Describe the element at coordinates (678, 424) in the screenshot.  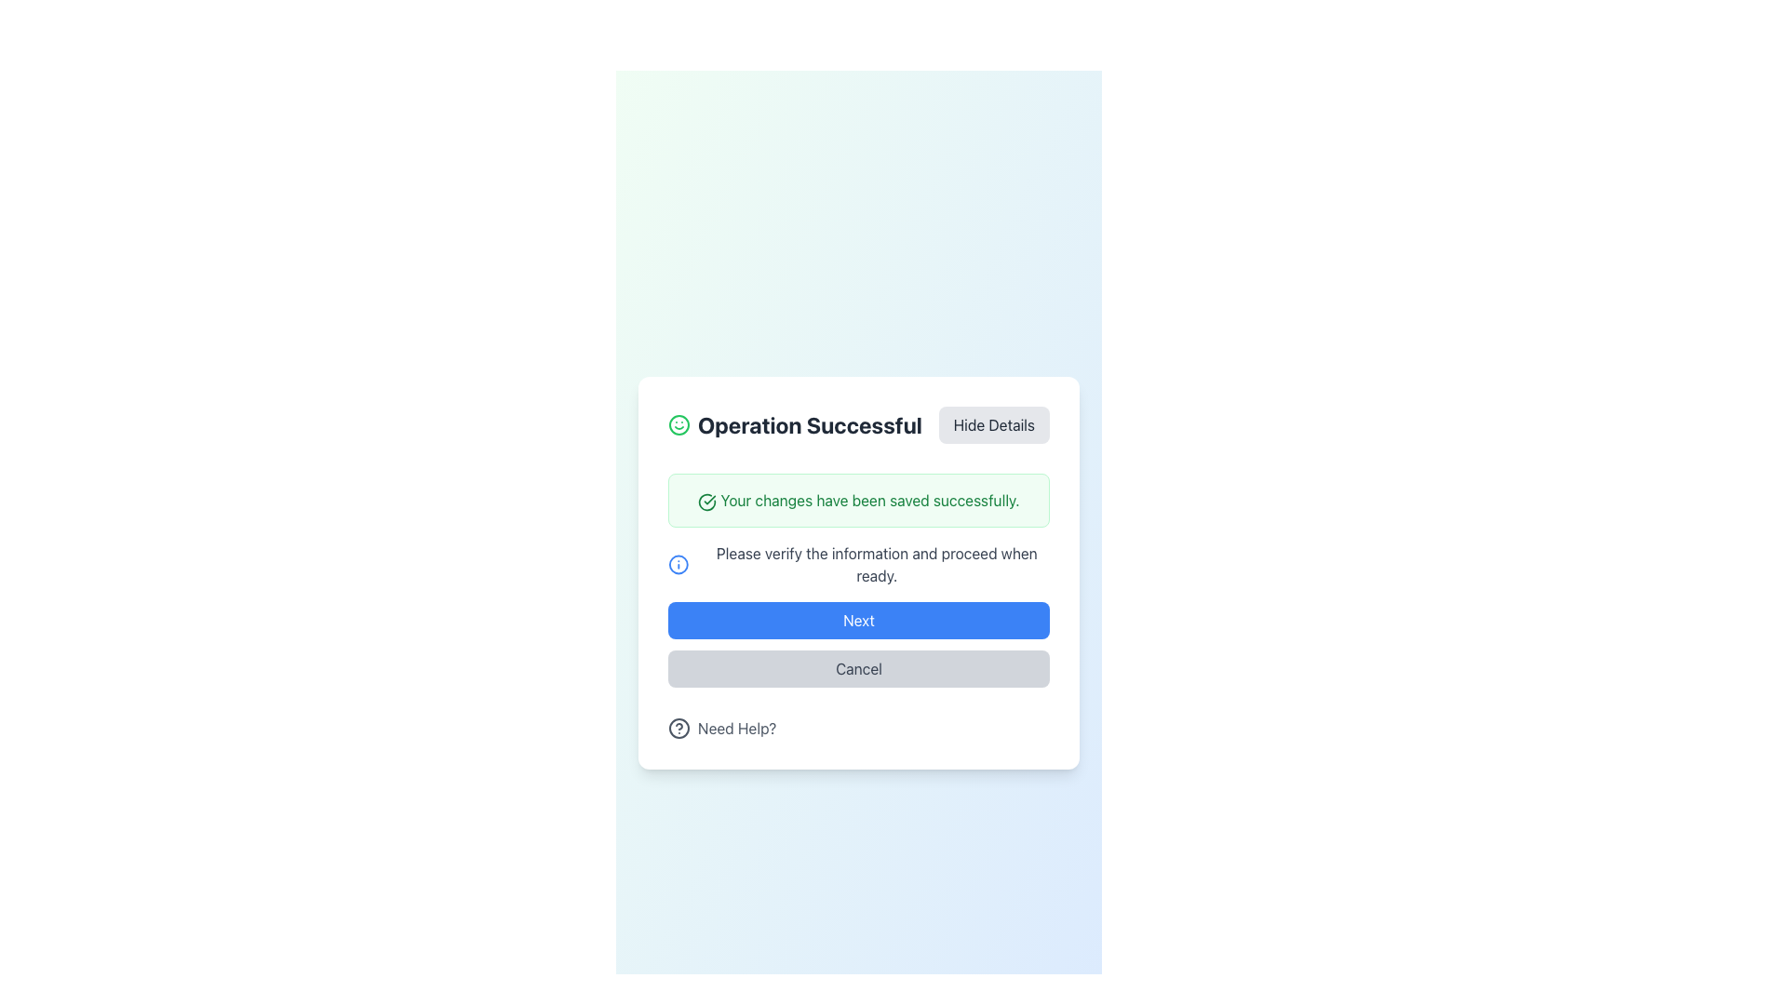
I see `the green circular smiley icon located to the left of the 'Operation Successful' text in the upper section of the interface` at that location.